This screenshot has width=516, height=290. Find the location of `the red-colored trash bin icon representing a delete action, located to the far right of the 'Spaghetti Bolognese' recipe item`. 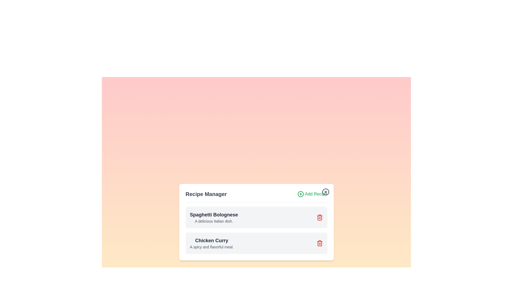

the red-colored trash bin icon representing a delete action, located to the far right of the 'Spaghetti Bolognese' recipe item is located at coordinates (320, 217).